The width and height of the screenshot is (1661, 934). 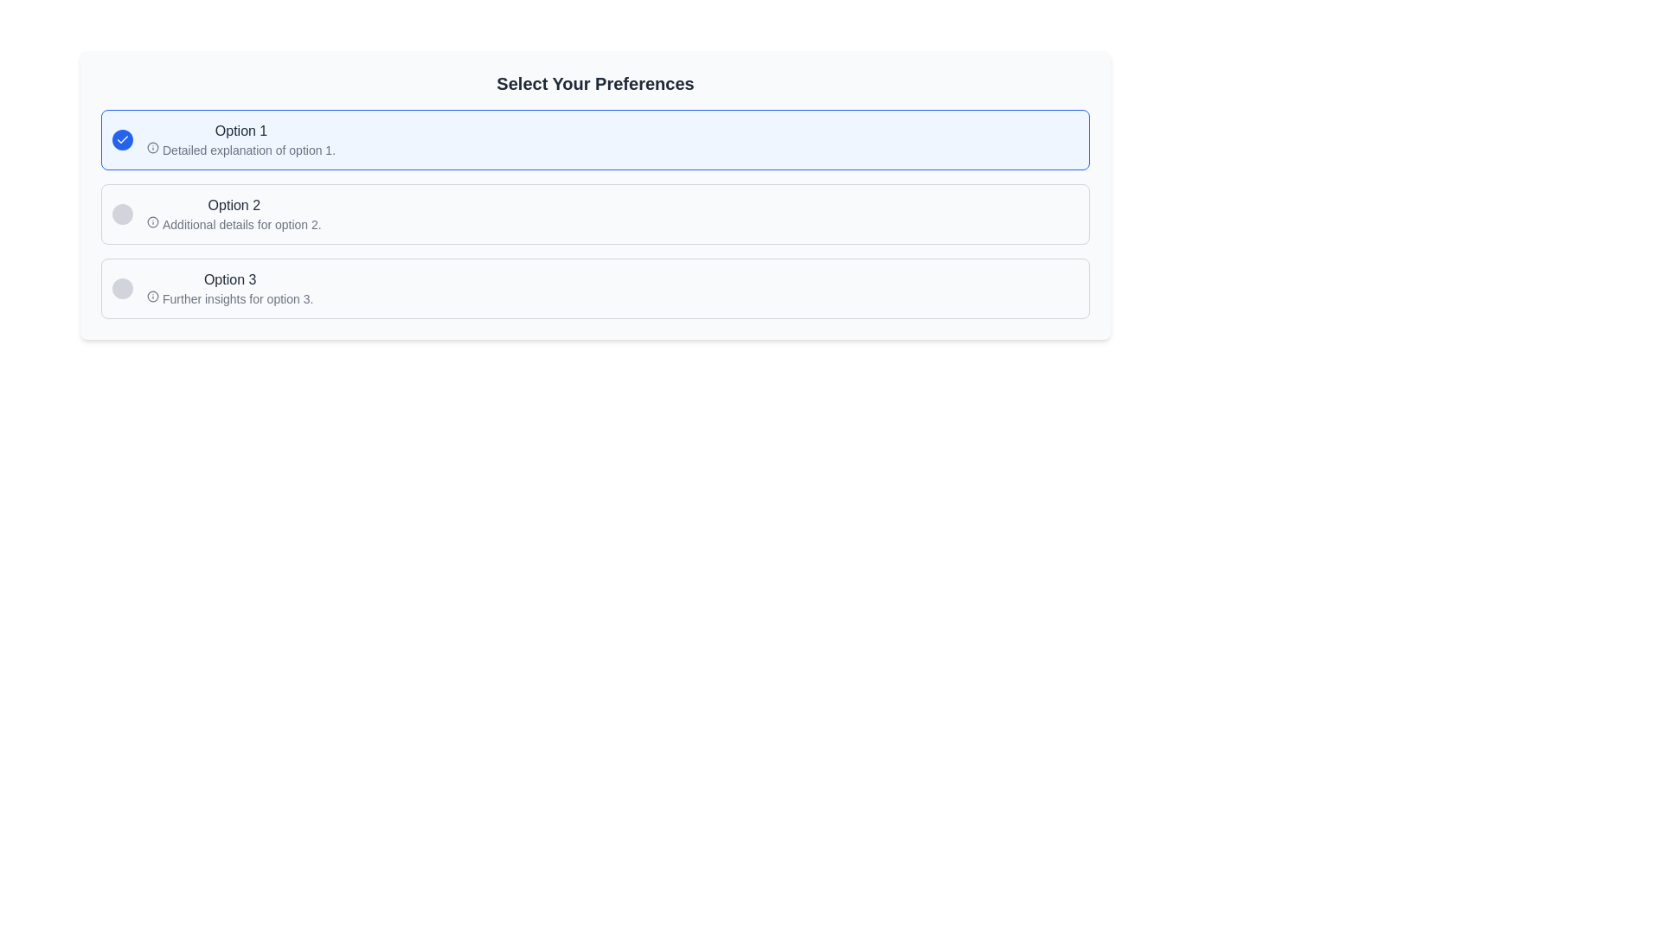 I want to click on the circular information icon located to the left of the descriptive text in Option 2 under the 'Select Your Preferences' section, so click(x=153, y=221).